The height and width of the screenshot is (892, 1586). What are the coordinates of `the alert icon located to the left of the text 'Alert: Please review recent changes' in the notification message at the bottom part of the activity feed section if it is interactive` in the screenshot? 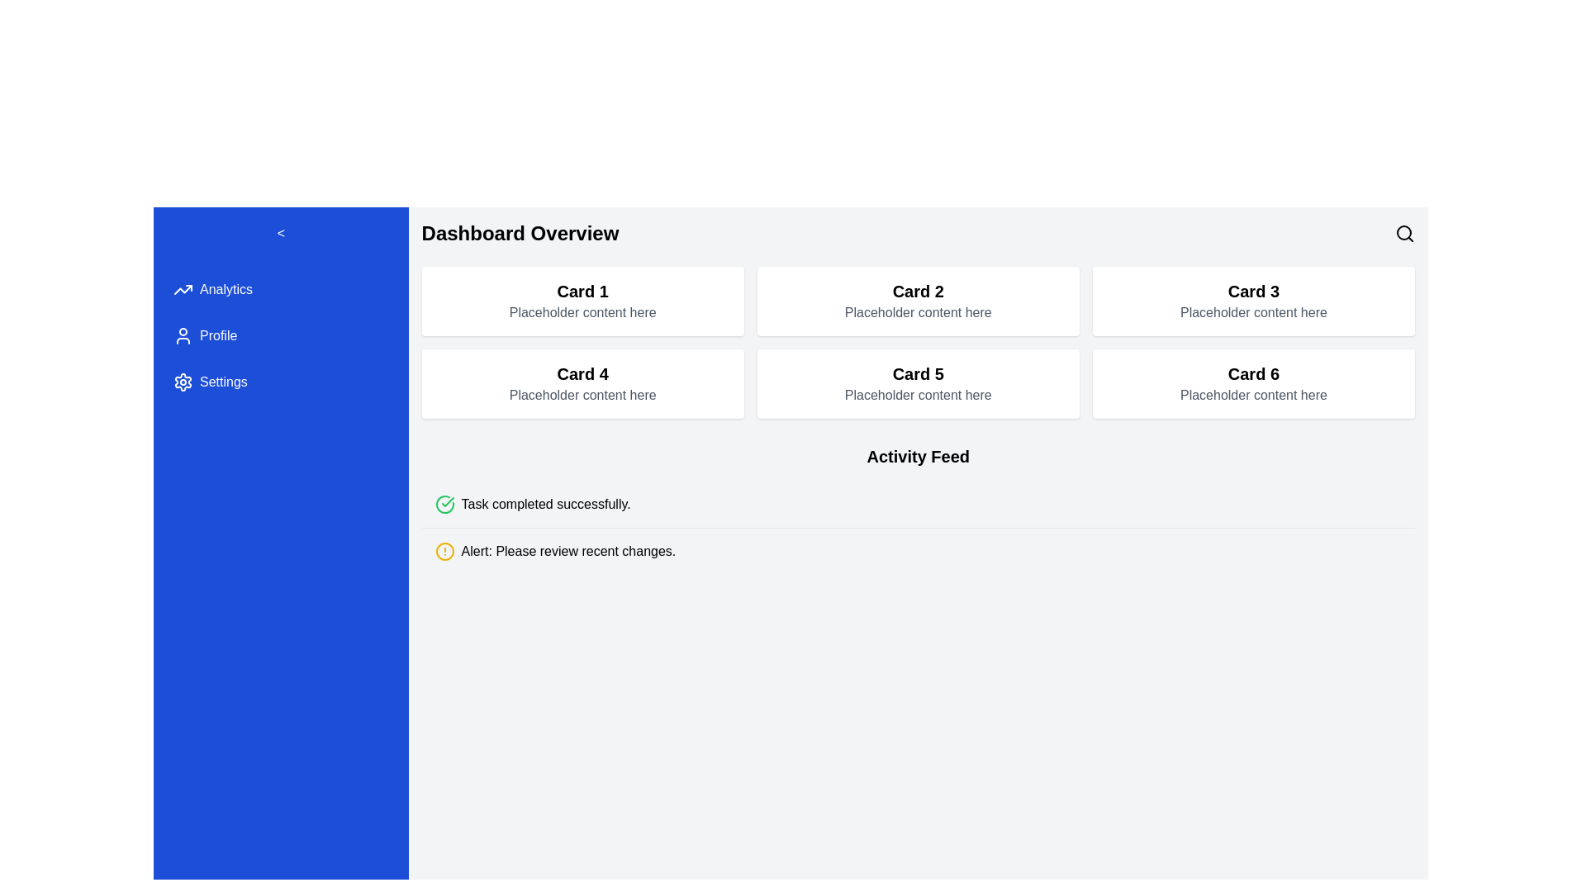 It's located at (444, 551).